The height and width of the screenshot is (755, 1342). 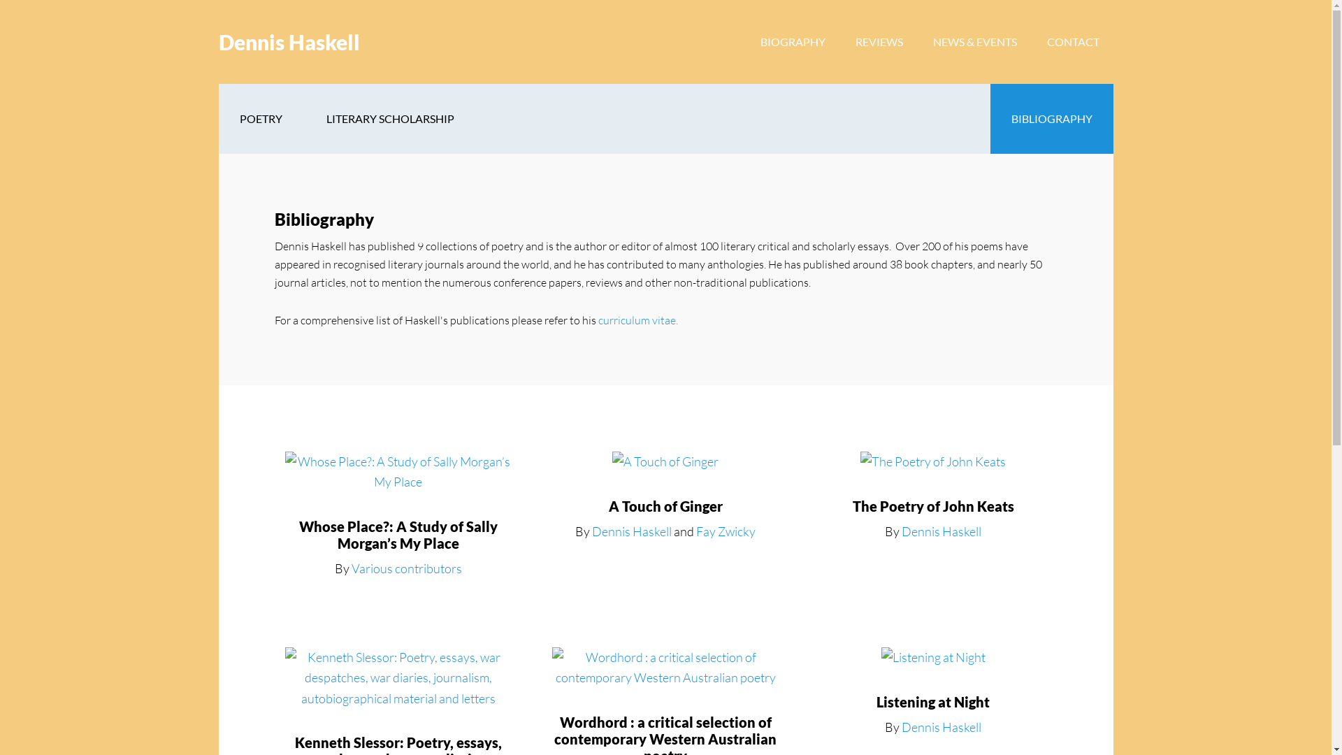 I want to click on 'LITERARY SCHOLARSHIP', so click(x=389, y=117).